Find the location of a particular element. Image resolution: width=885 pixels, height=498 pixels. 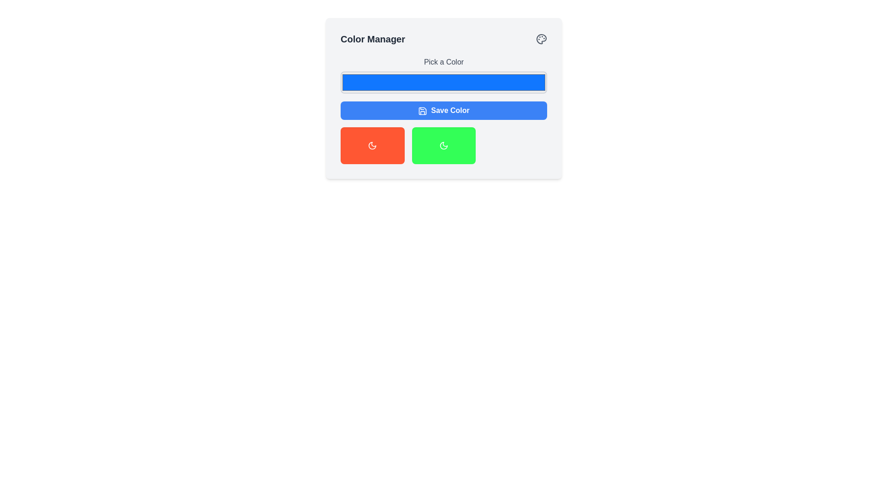

the third button in the 'Color Manager' interface, located to the right of a red button and below a blue button labeled 'Save Color' is located at coordinates (444, 145).